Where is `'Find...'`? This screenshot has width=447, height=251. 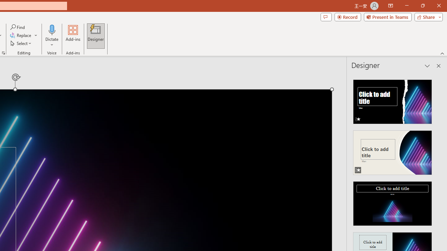 'Find...' is located at coordinates (18, 27).